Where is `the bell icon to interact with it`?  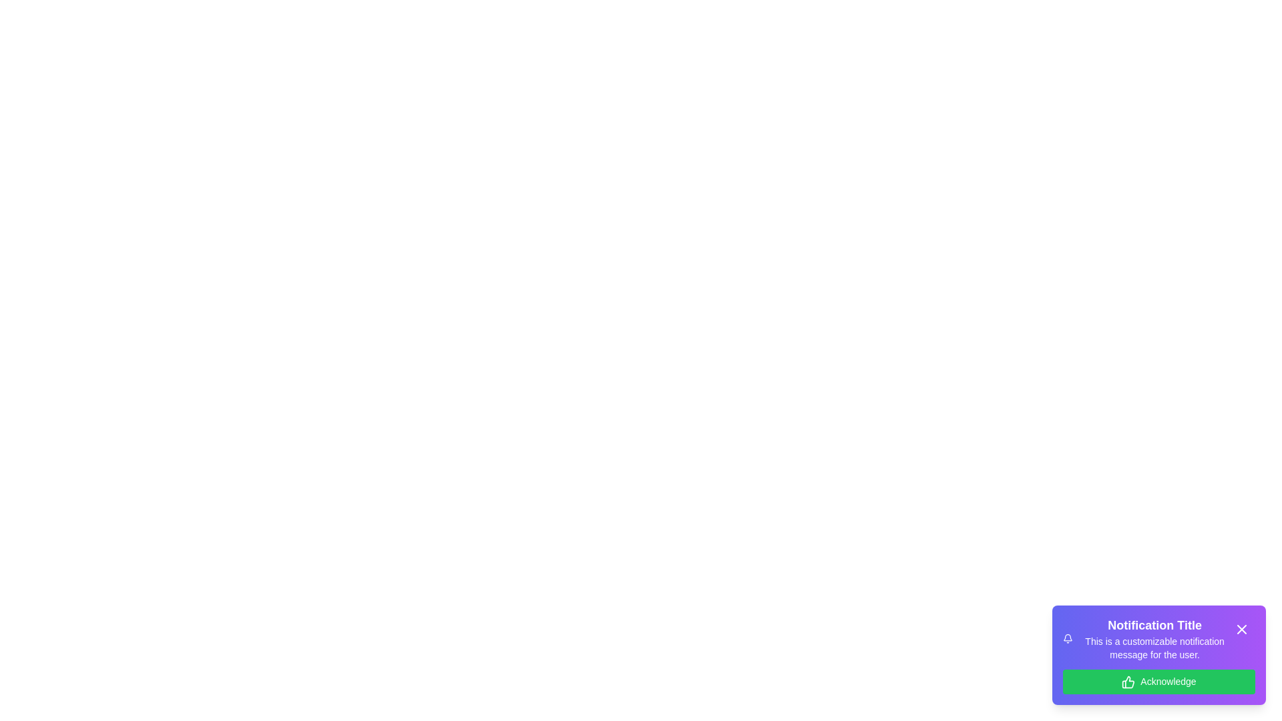 the bell icon to interact with it is located at coordinates (1067, 638).